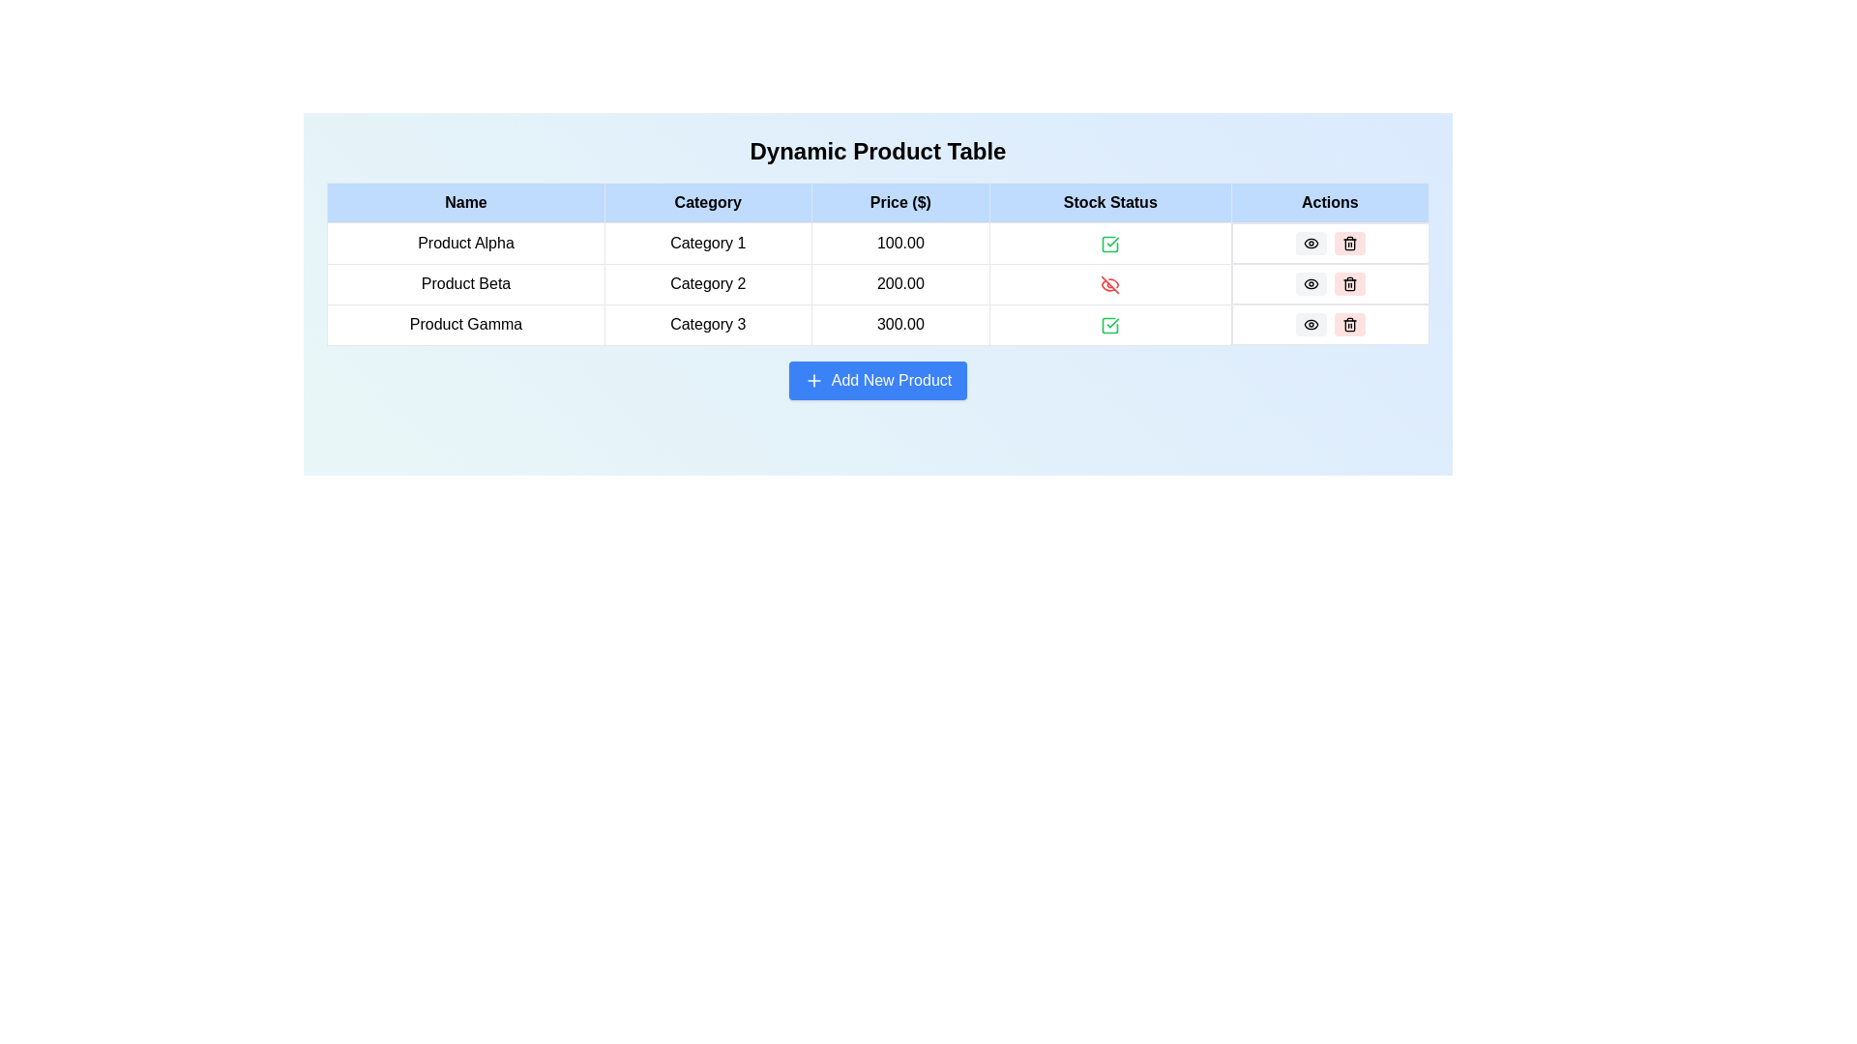 This screenshot has height=1044, width=1857. I want to click on the first action button in the 'Actions' column of the last row of the table, so click(1311, 323).